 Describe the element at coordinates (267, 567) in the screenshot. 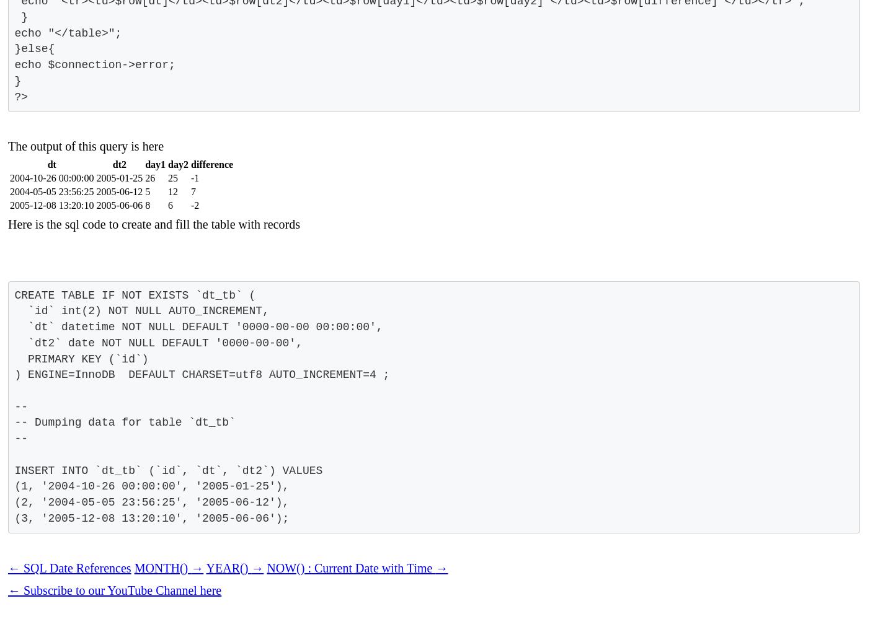

I see `'NOW() : Current Date with Time'` at that location.